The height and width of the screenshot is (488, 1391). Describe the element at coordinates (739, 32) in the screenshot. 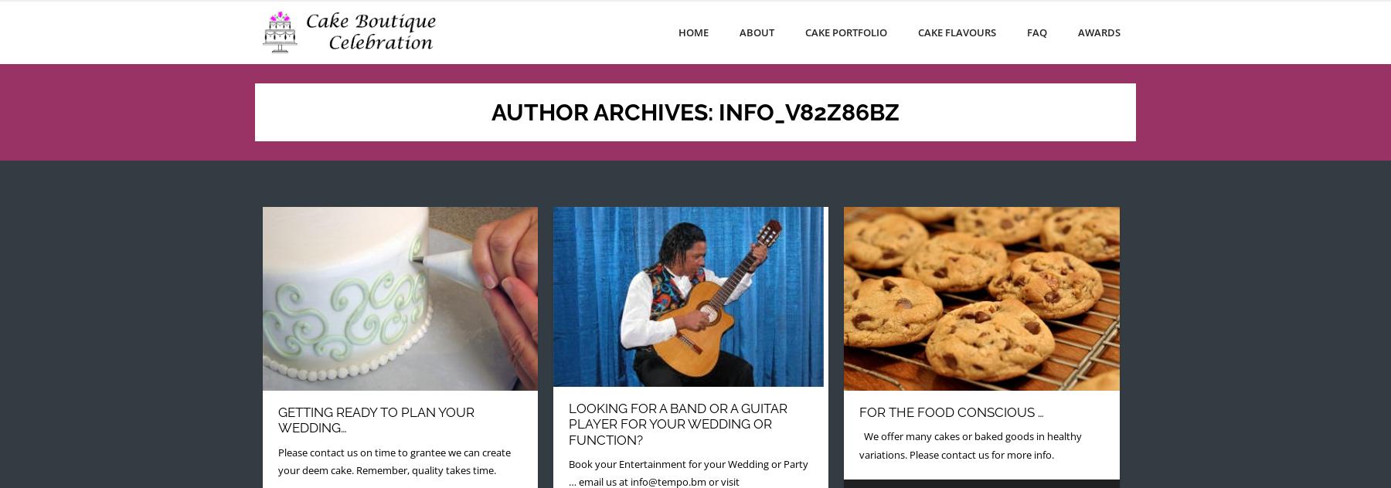

I see `'About'` at that location.